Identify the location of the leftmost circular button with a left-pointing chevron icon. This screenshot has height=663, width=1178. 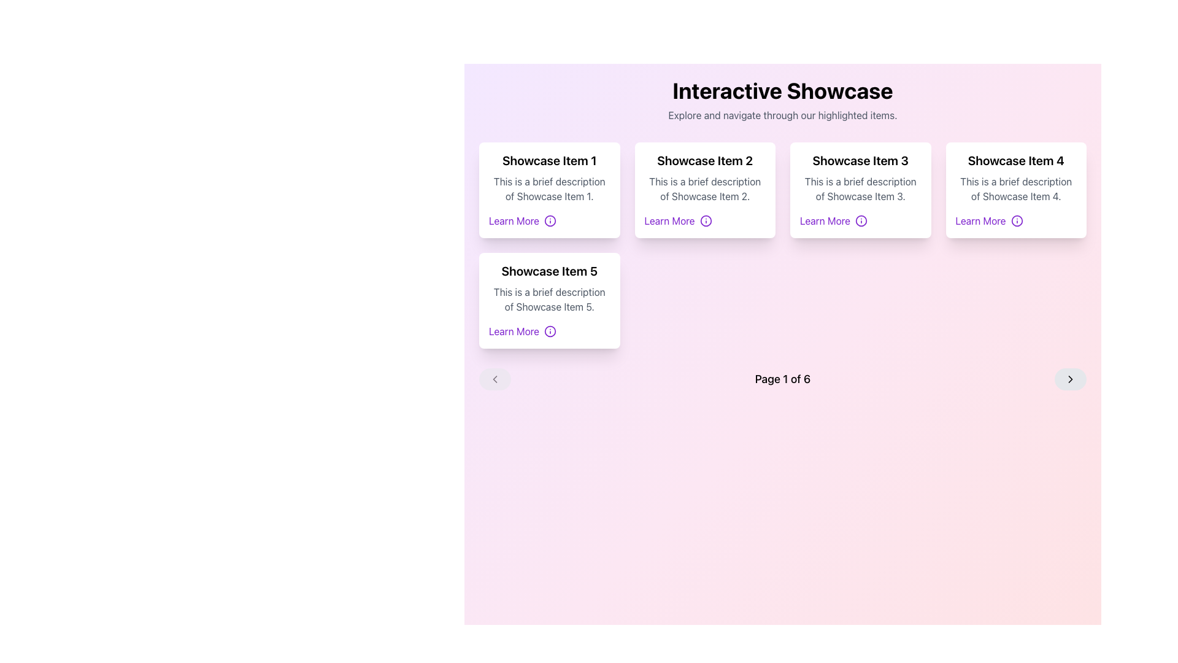
(495, 378).